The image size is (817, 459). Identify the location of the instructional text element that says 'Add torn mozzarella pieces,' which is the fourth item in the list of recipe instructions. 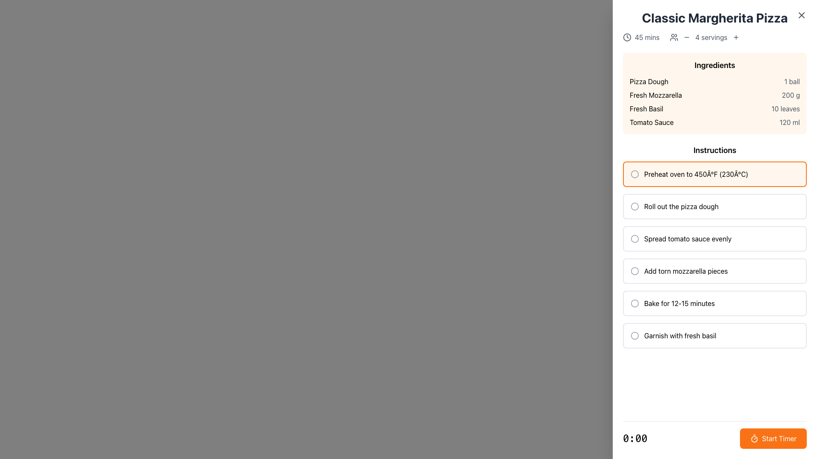
(686, 271).